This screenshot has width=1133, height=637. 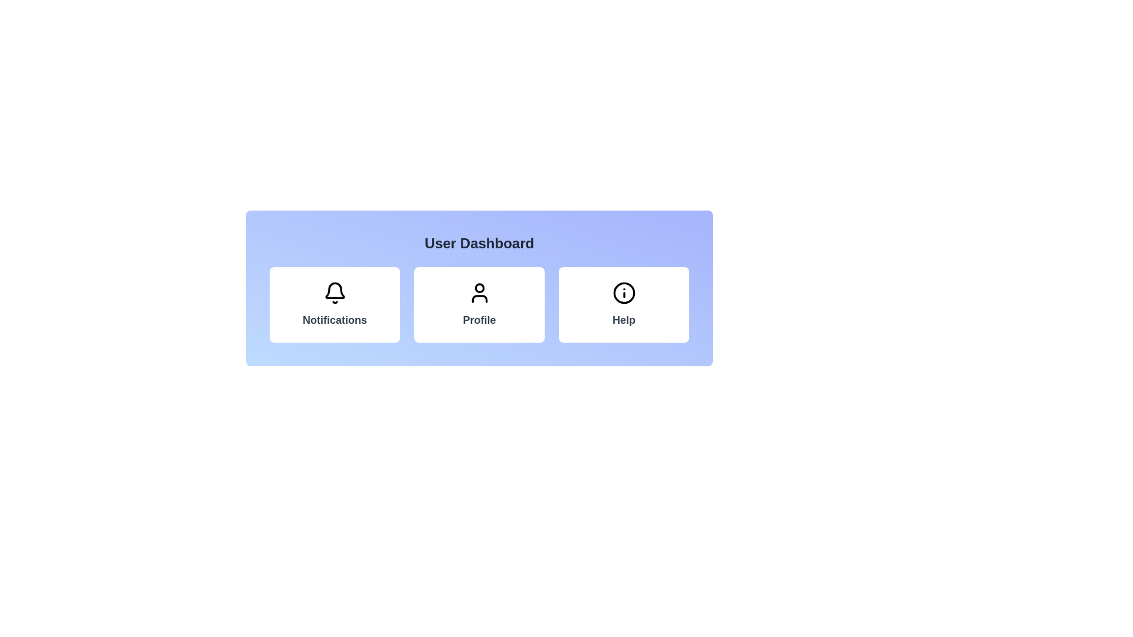 I want to click on the graphical circle that is part of the user profile icon located at the topmost part of the profile section on the dashboard, so click(x=479, y=288).